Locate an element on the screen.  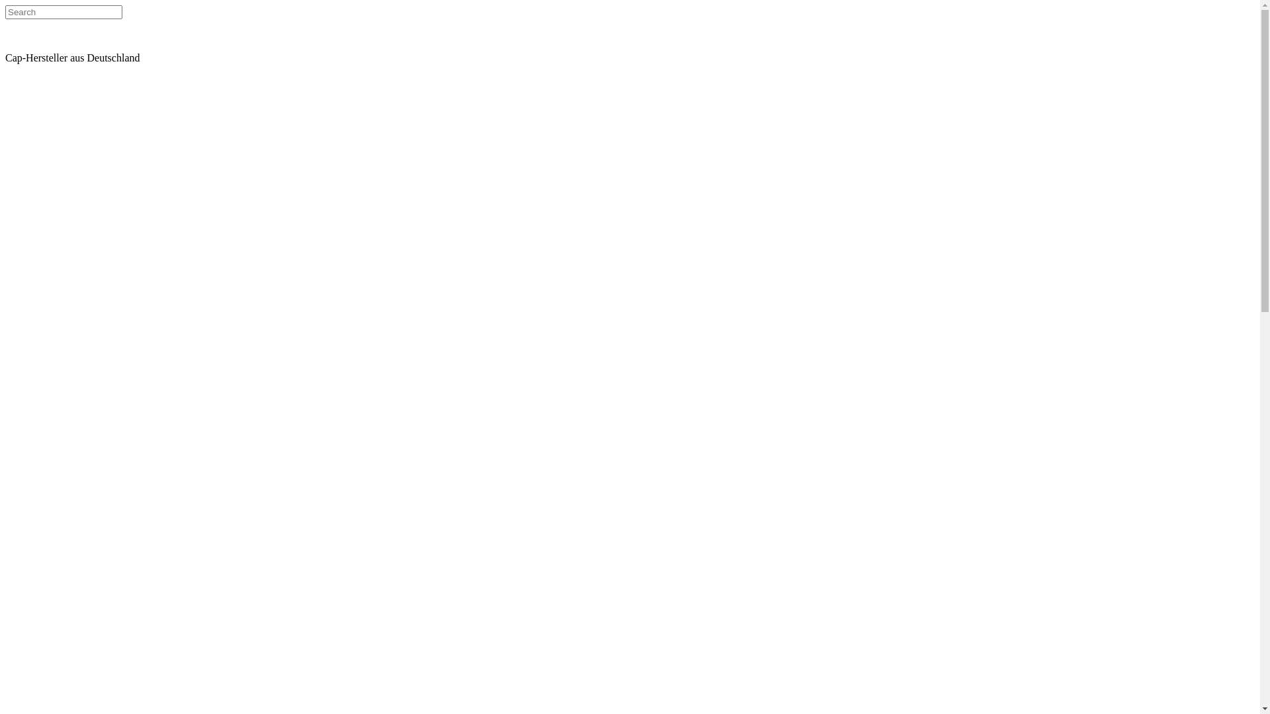
'Search' is located at coordinates (5, 12).